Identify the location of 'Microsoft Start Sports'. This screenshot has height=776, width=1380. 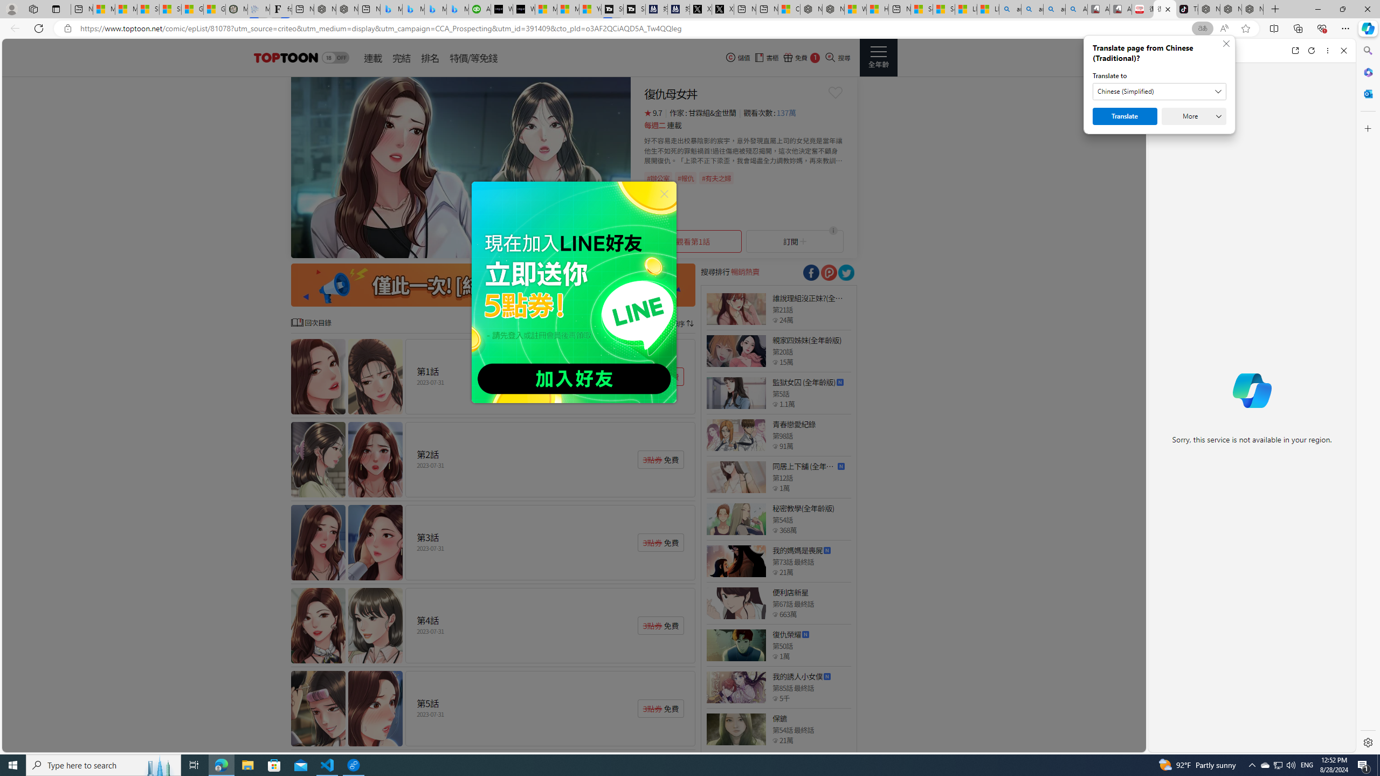
(545, 9).